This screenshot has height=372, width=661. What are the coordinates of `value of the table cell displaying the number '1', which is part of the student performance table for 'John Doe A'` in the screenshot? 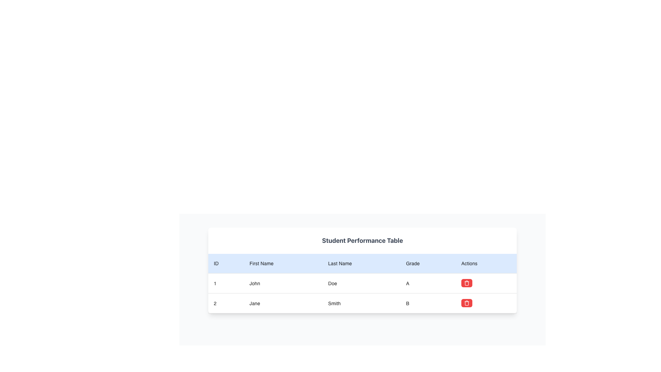 It's located at (226, 283).